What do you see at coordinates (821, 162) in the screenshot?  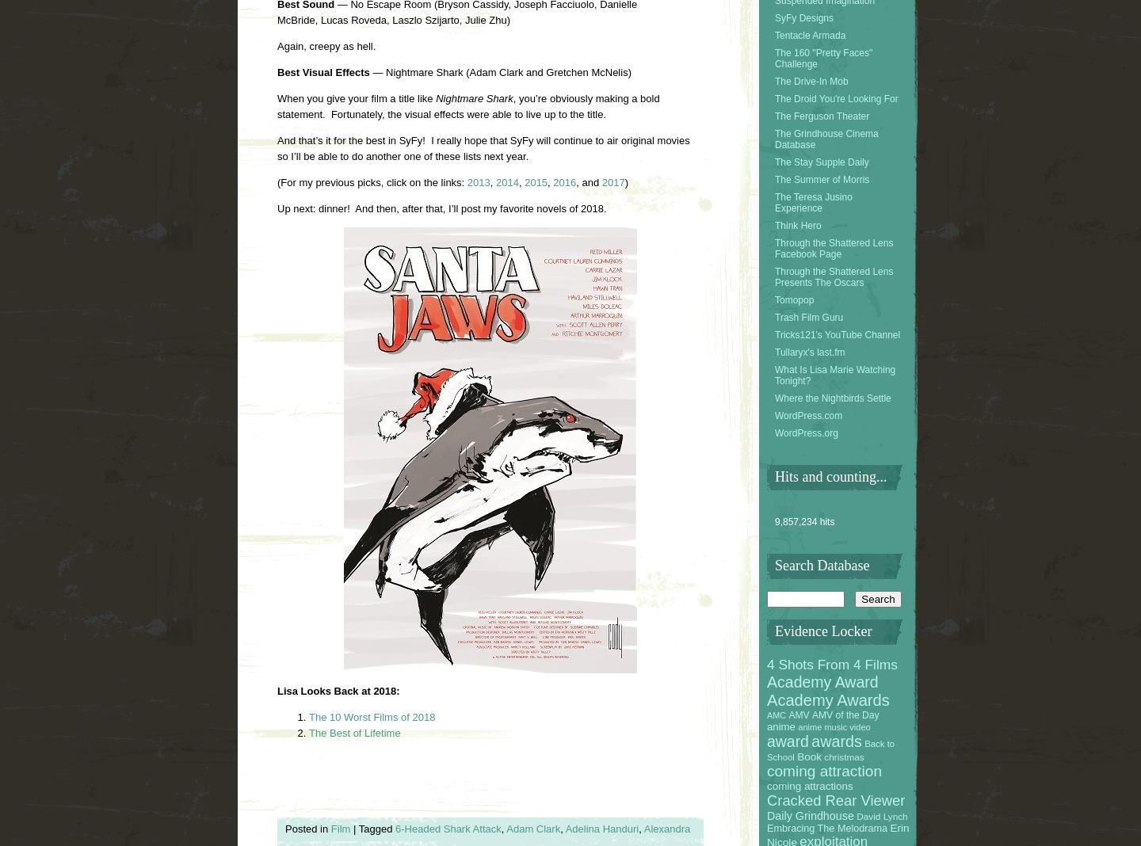 I see `'The Stay Supple Daily'` at bounding box center [821, 162].